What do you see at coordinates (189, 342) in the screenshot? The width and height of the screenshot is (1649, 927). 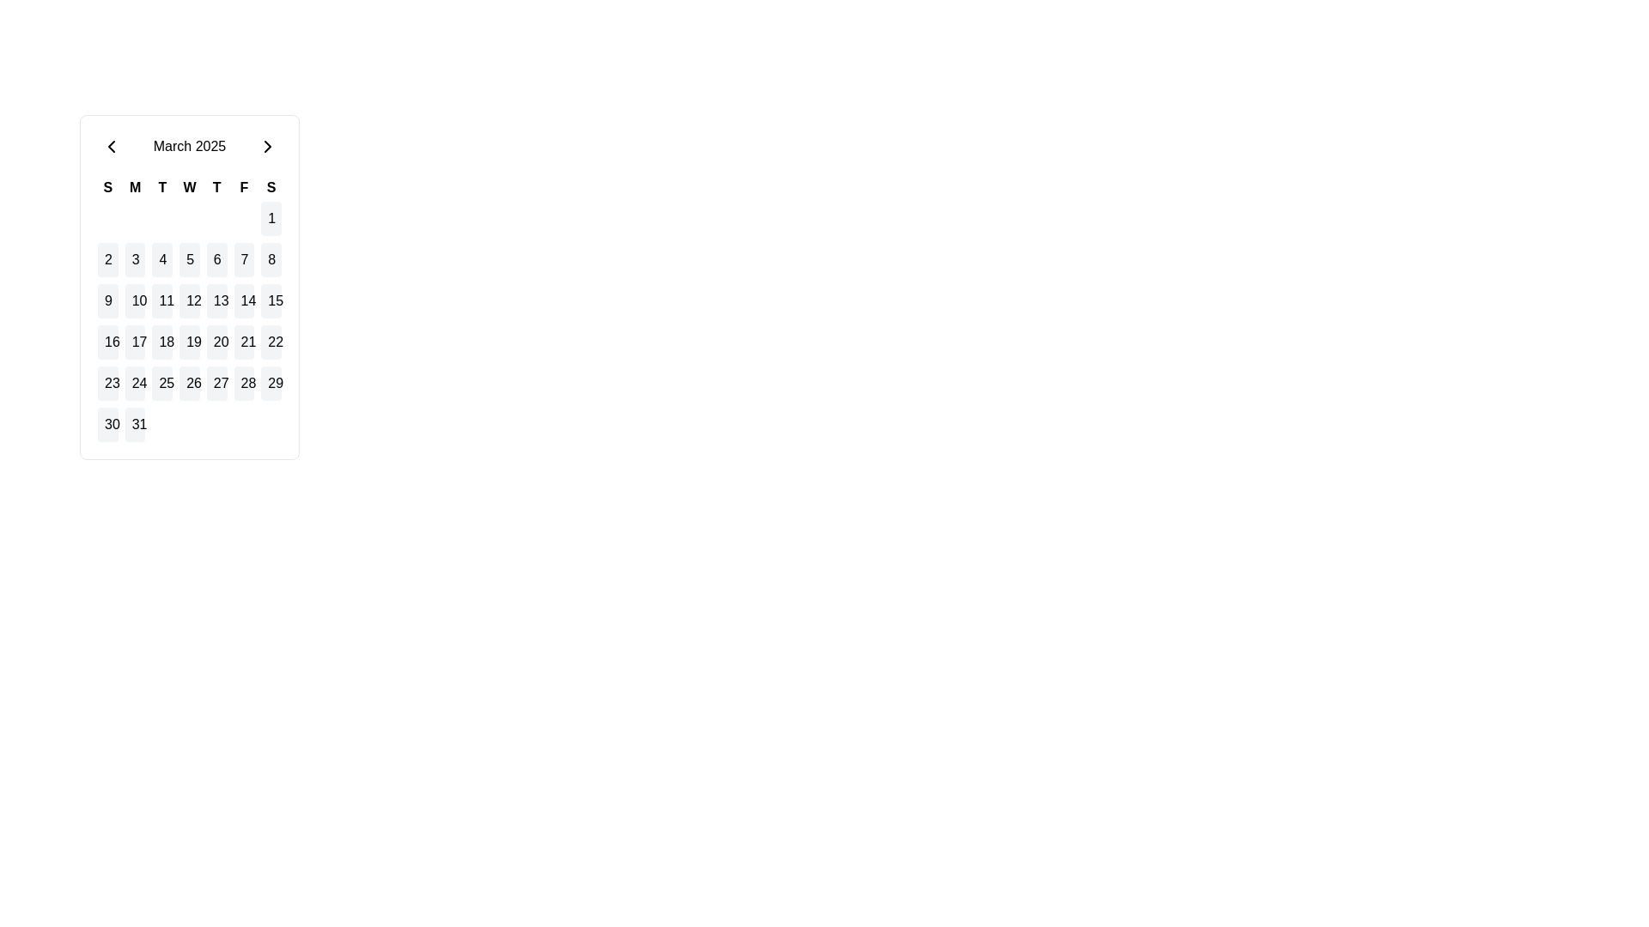 I see `the button displaying the number '19' in a rounded rectangle within the calendar grid for additional date information` at bounding box center [189, 342].